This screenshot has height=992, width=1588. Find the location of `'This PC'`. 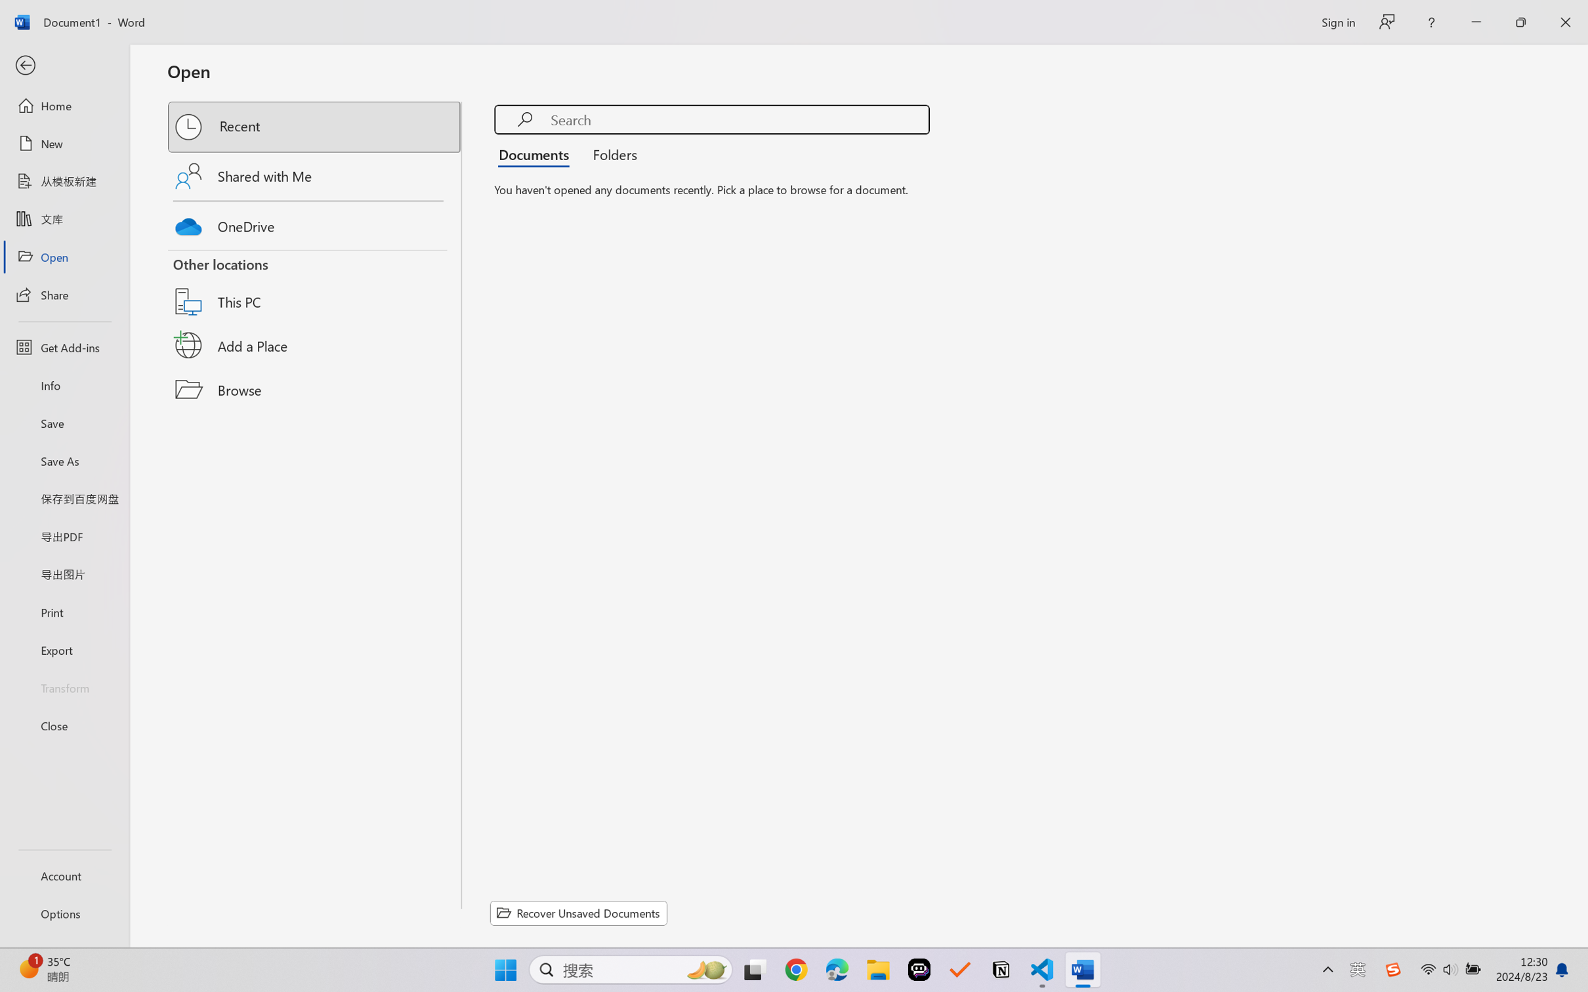

'This PC' is located at coordinates (315, 285).